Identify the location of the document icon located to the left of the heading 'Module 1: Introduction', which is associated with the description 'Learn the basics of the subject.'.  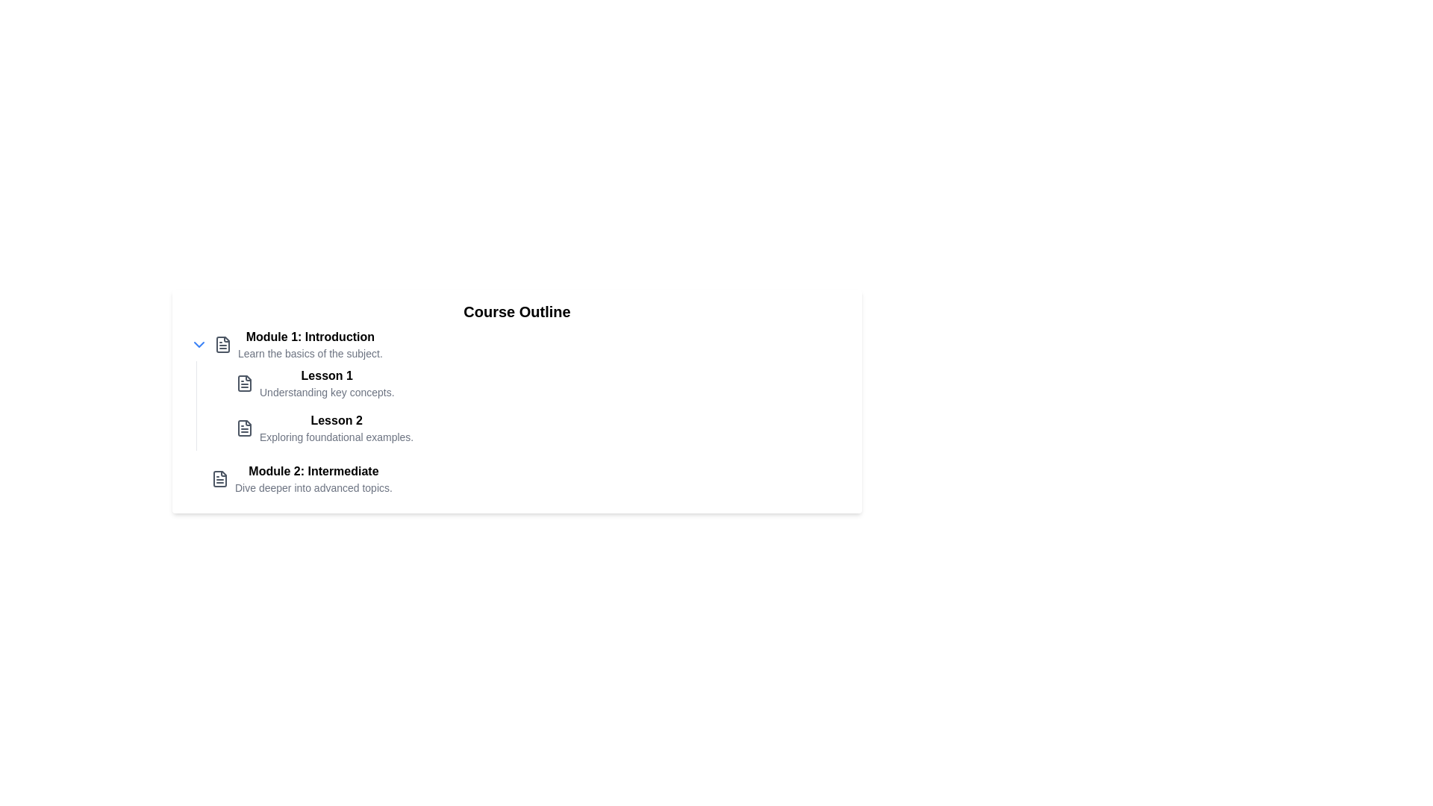
(222, 345).